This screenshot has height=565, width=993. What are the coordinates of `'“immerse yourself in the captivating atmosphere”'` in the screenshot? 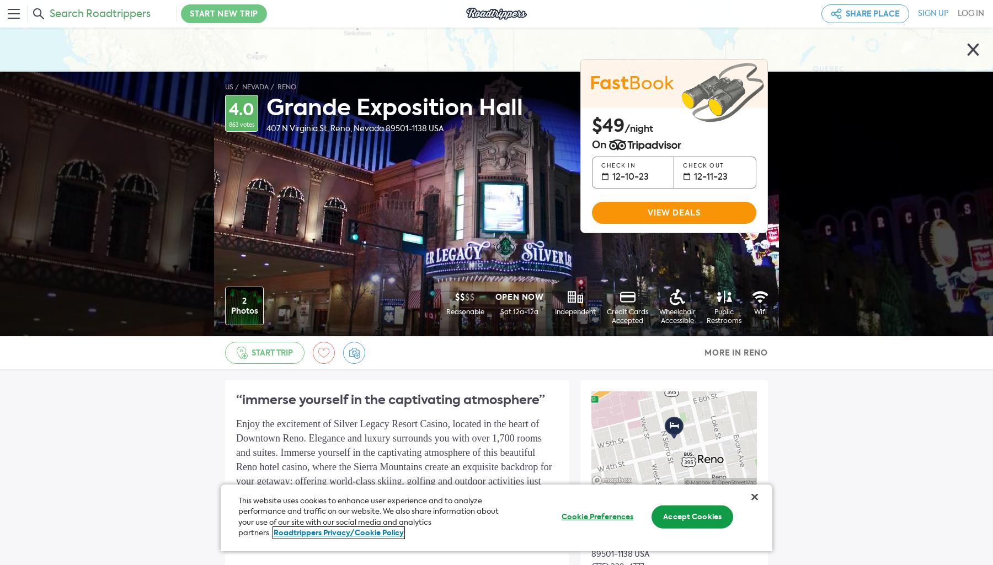 It's located at (389, 399).